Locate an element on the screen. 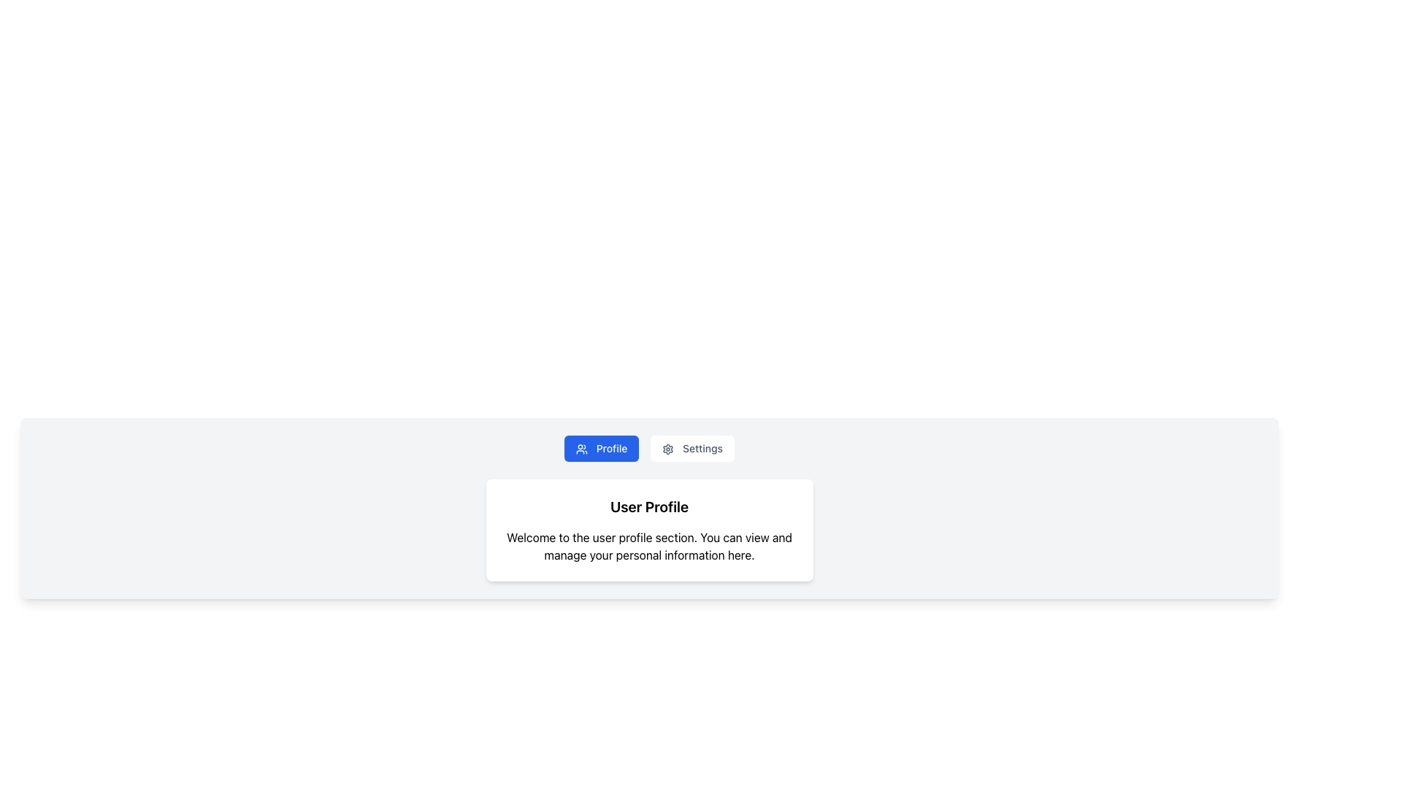 The image size is (1402, 788). the text label that serves as the title for the user profile section, positioned at the top-most part of the section and centered horizontally is located at coordinates (648, 506).